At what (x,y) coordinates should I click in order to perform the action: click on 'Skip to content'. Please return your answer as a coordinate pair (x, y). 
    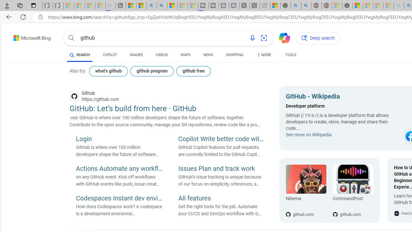
    Looking at the image, I should click on (21, 36).